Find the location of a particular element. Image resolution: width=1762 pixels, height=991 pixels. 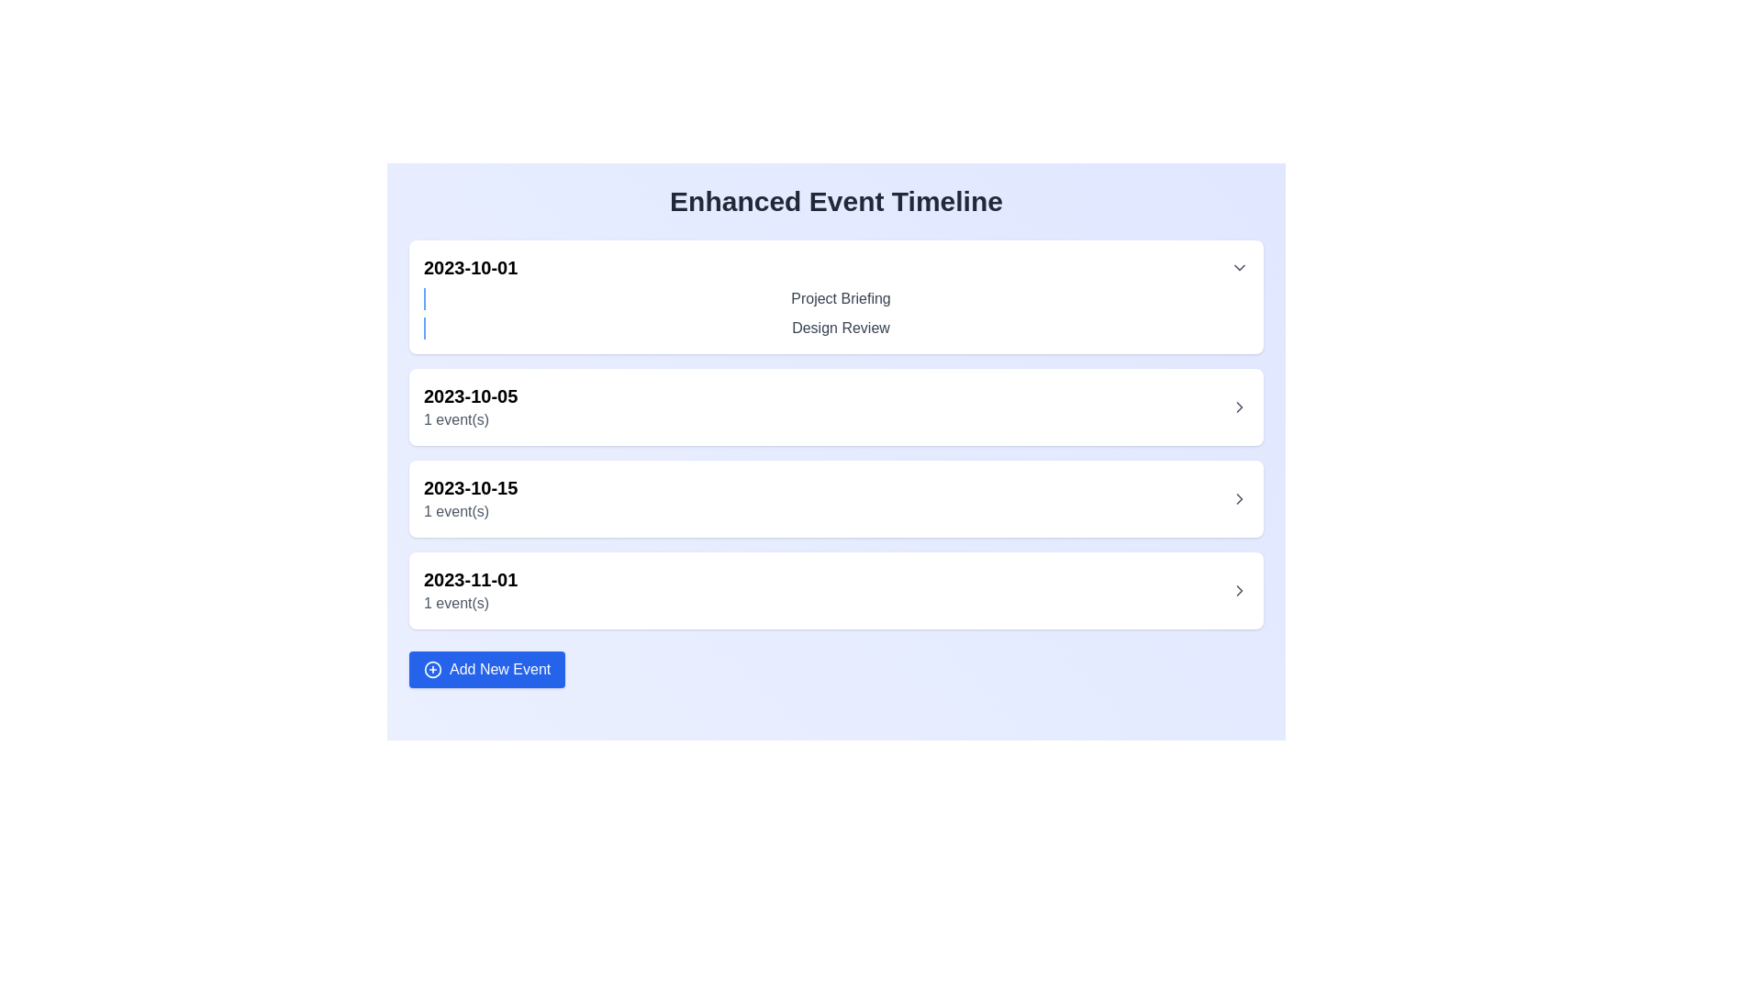

text label displaying '1 event(s)' located below the date '2023-10-05' in the second card of the event timeline is located at coordinates (471, 420).